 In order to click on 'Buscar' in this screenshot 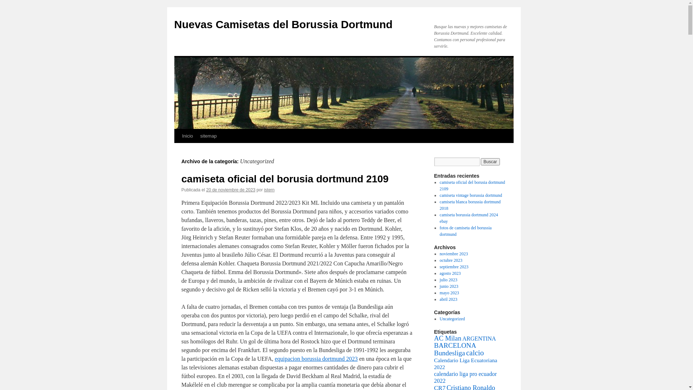, I will do `click(490, 161)`.